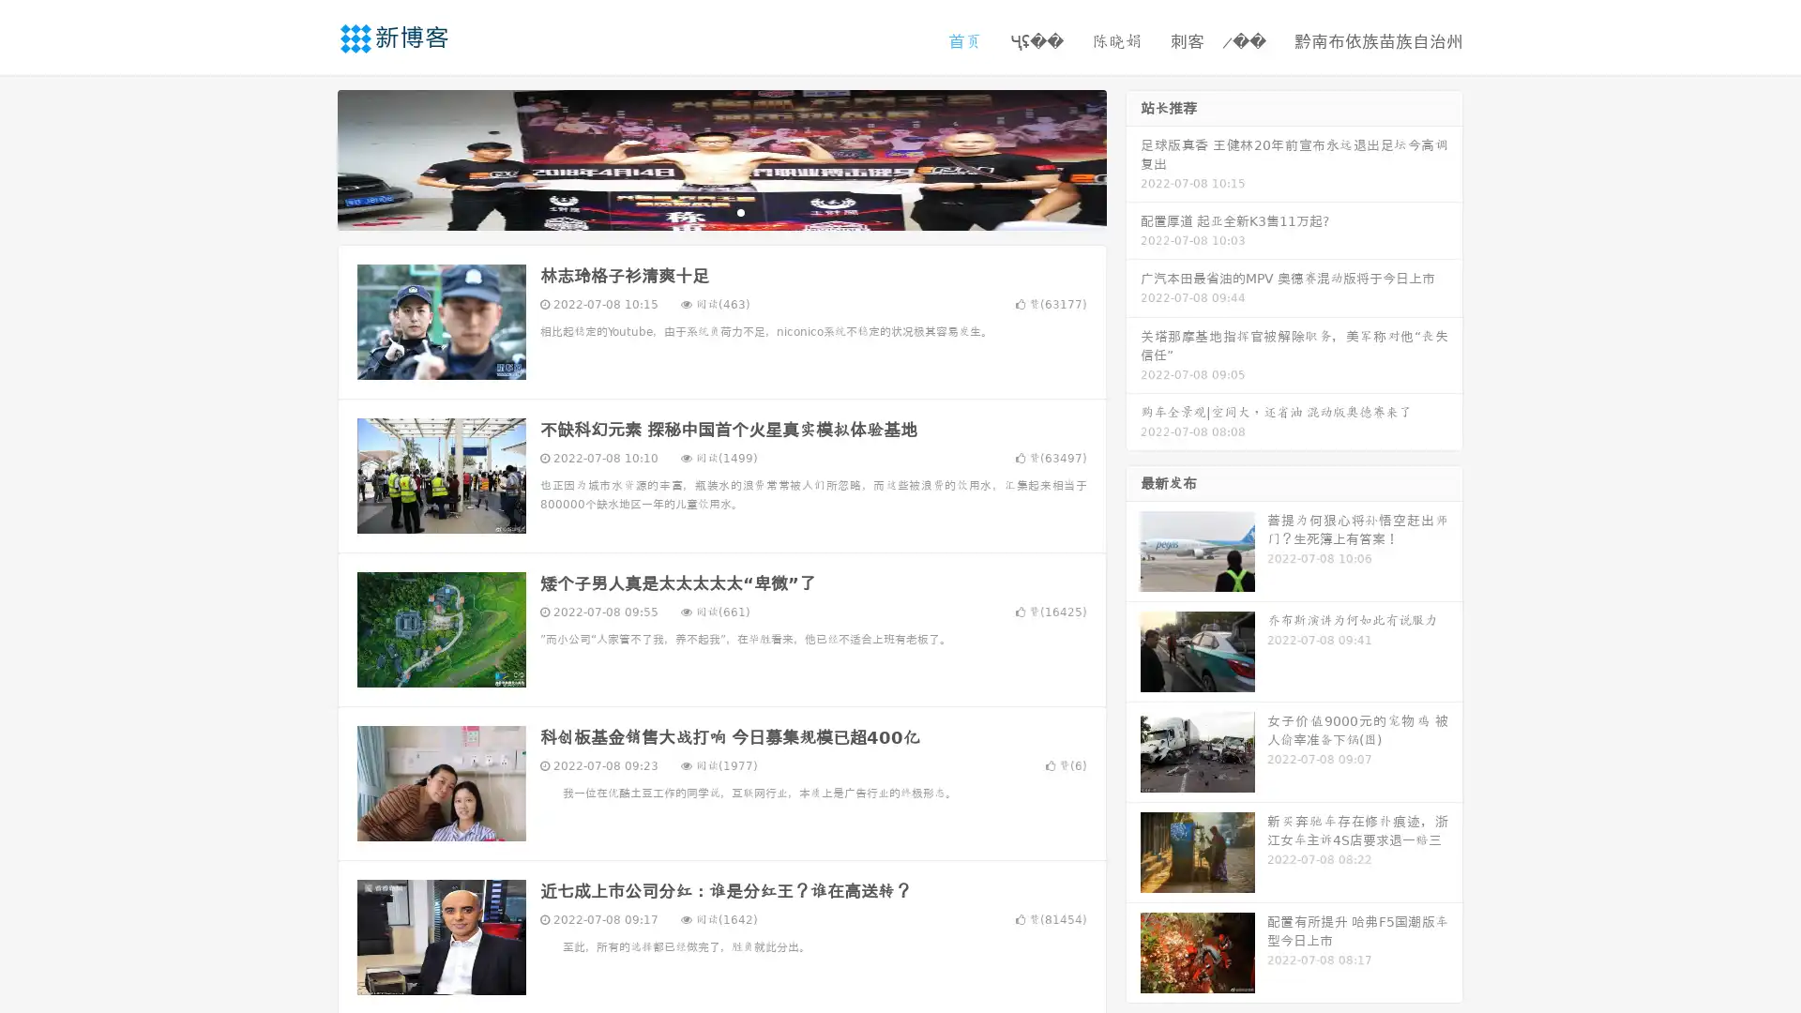 This screenshot has height=1013, width=1801. I want to click on Go to slide 3, so click(740, 211).